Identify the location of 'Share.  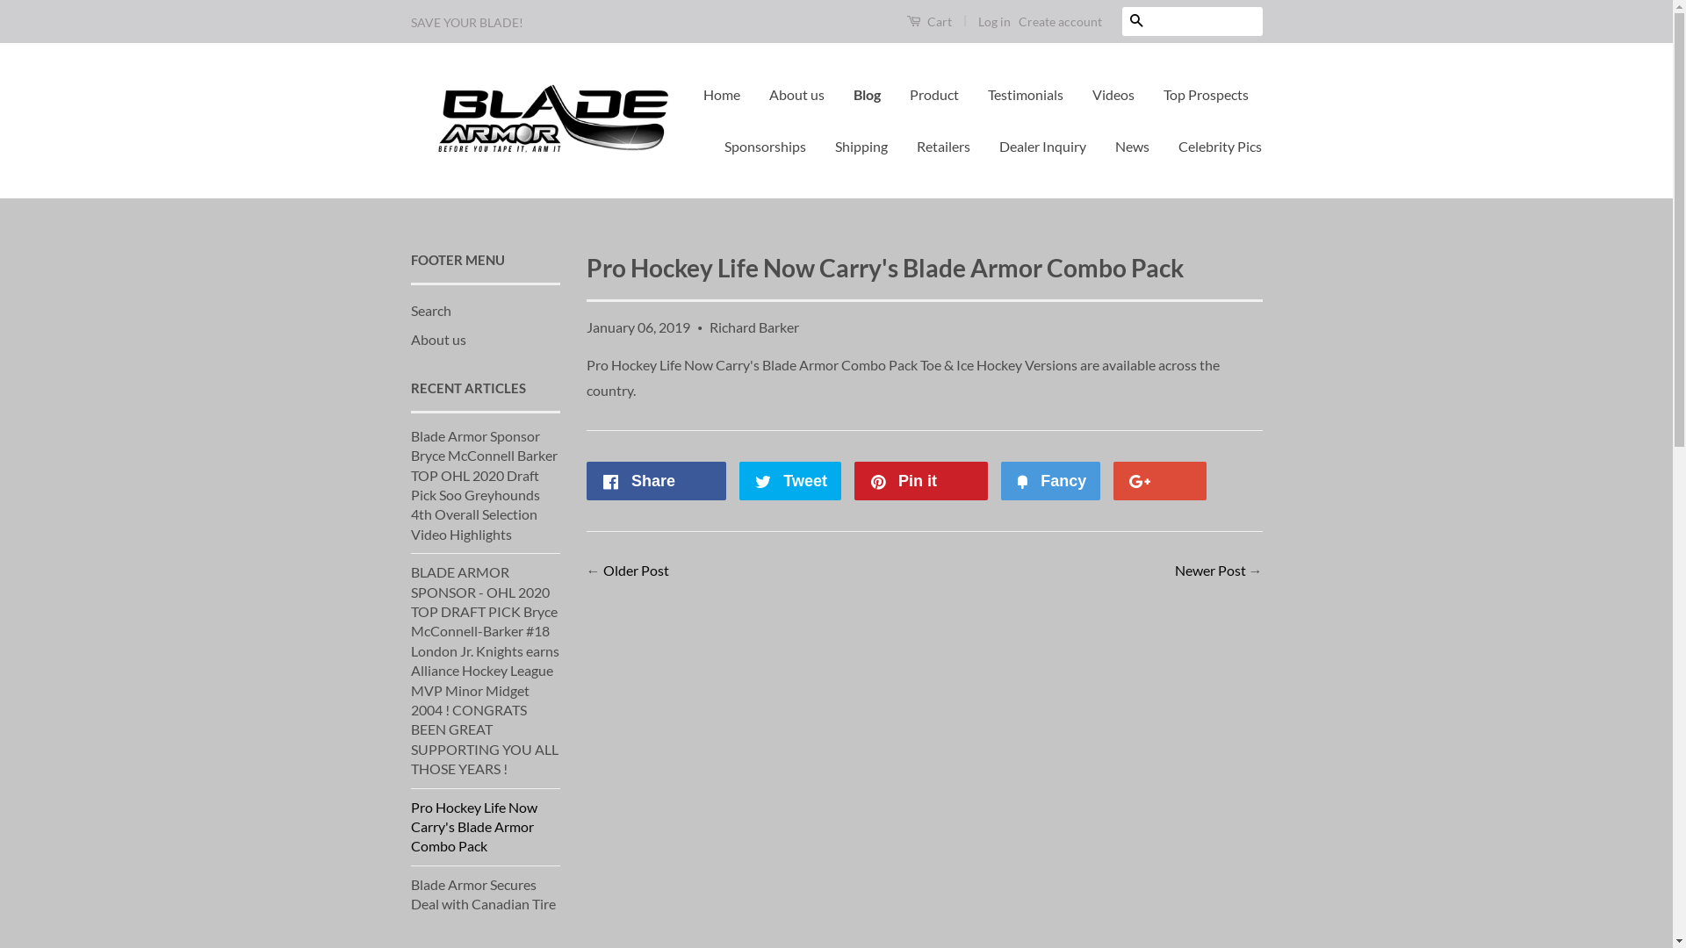
(656, 480).